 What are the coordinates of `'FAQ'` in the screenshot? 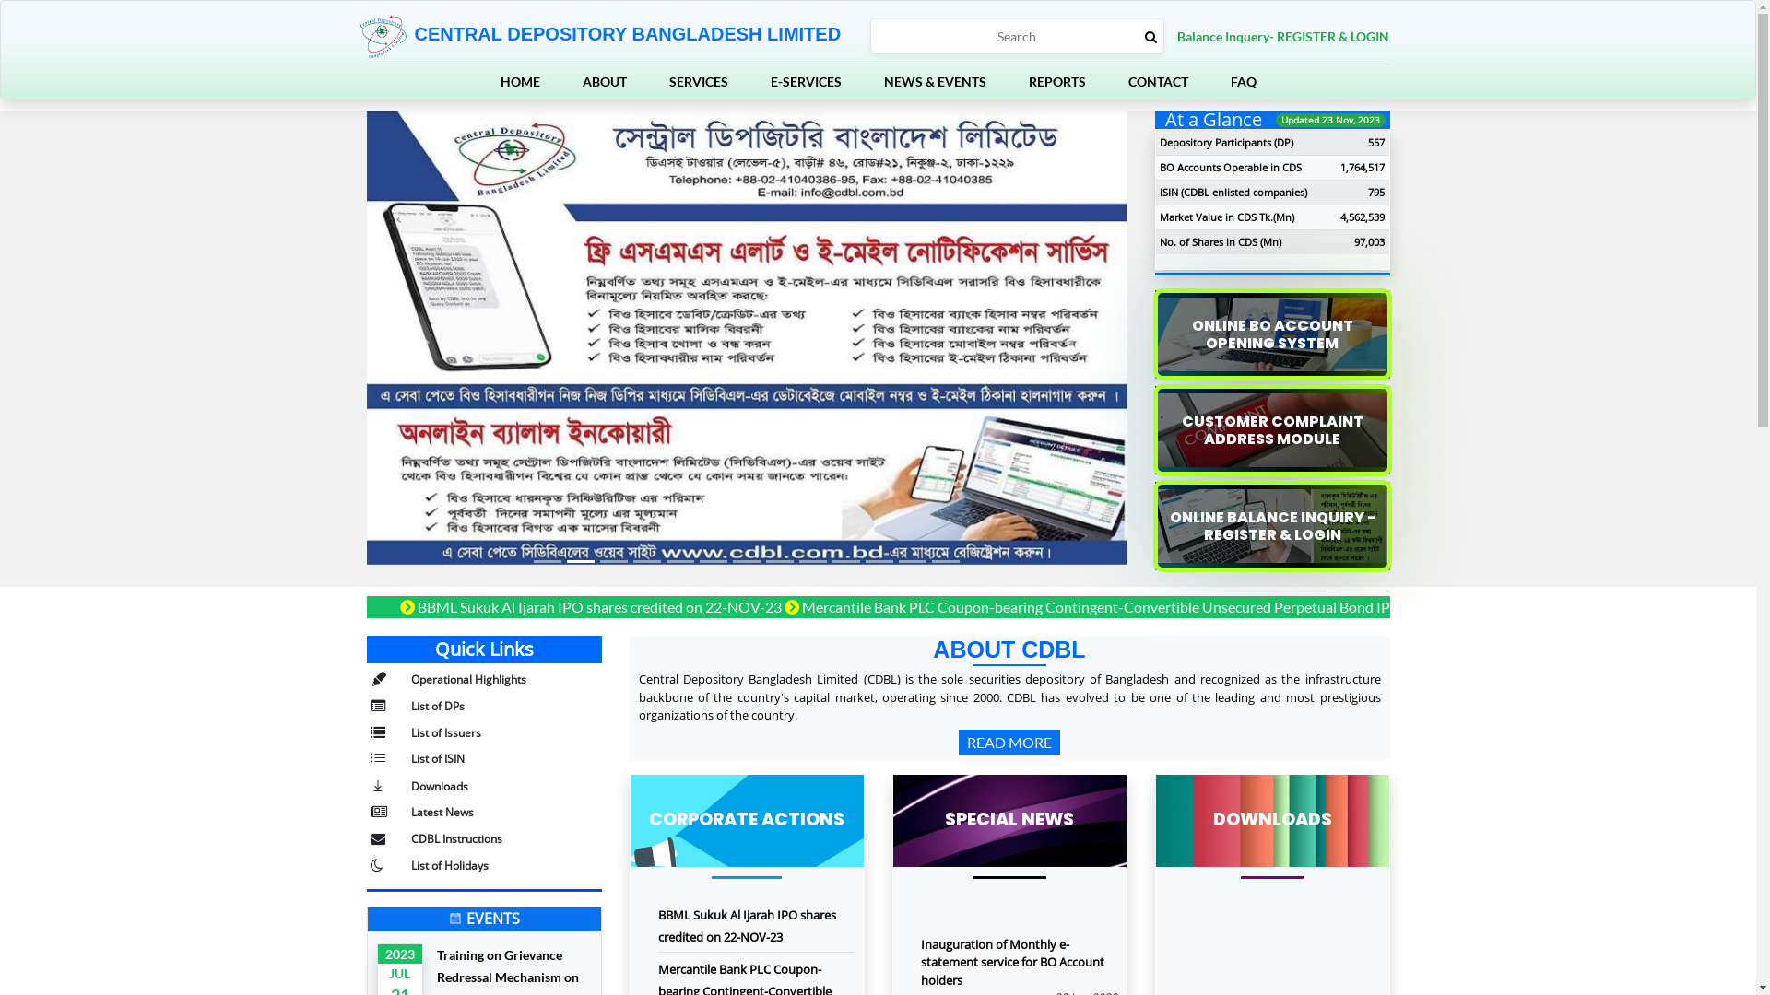 It's located at (1221, 80).